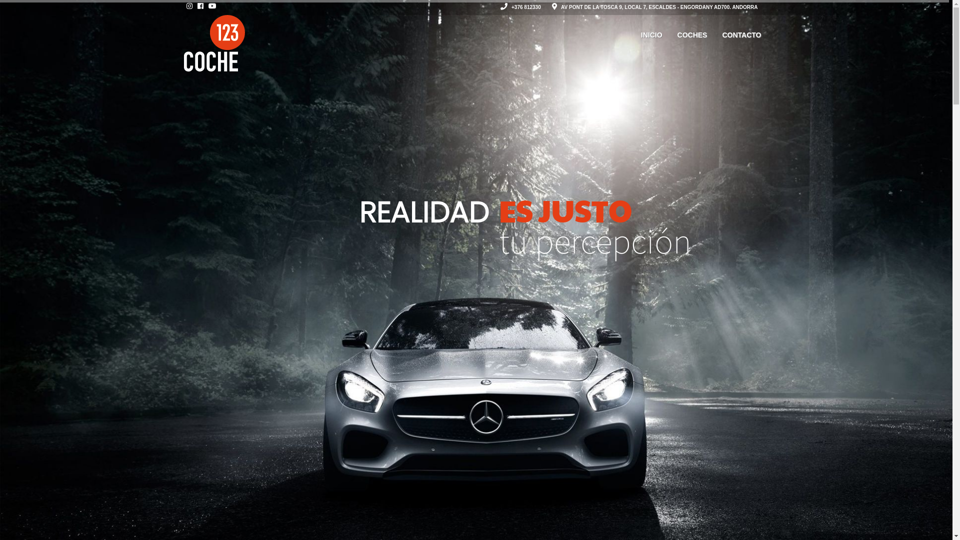 This screenshot has height=540, width=960. I want to click on '+376 812330', so click(520, 7).